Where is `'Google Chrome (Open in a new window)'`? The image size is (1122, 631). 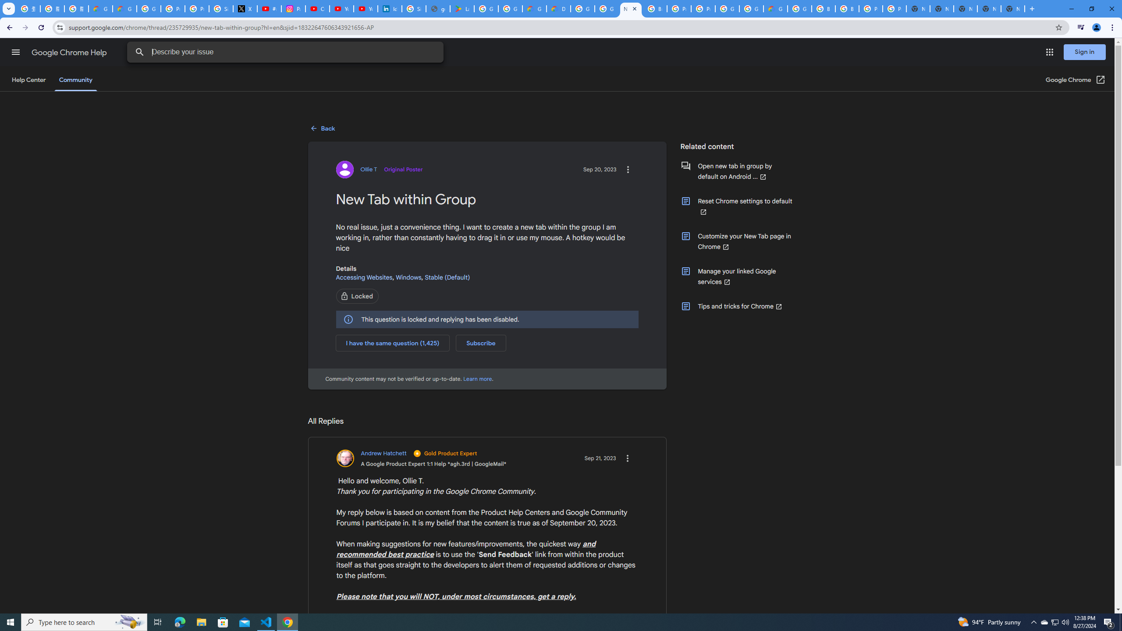
'Google Chrome (Open in a new window)' is located at coordinates (1076, 79).